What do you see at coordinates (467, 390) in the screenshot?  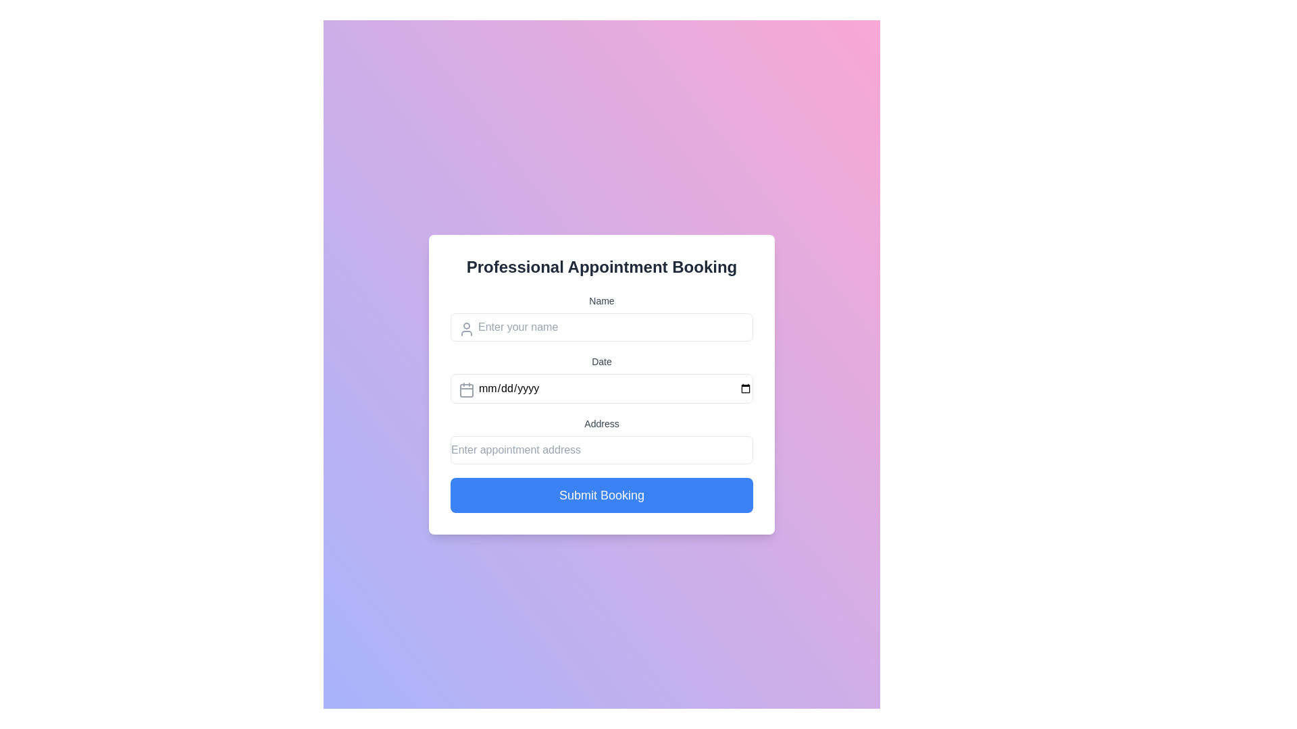 I see `the graphical decoration within the calendar icon, located to the left of the date input field` at bounding box center [467, 390].